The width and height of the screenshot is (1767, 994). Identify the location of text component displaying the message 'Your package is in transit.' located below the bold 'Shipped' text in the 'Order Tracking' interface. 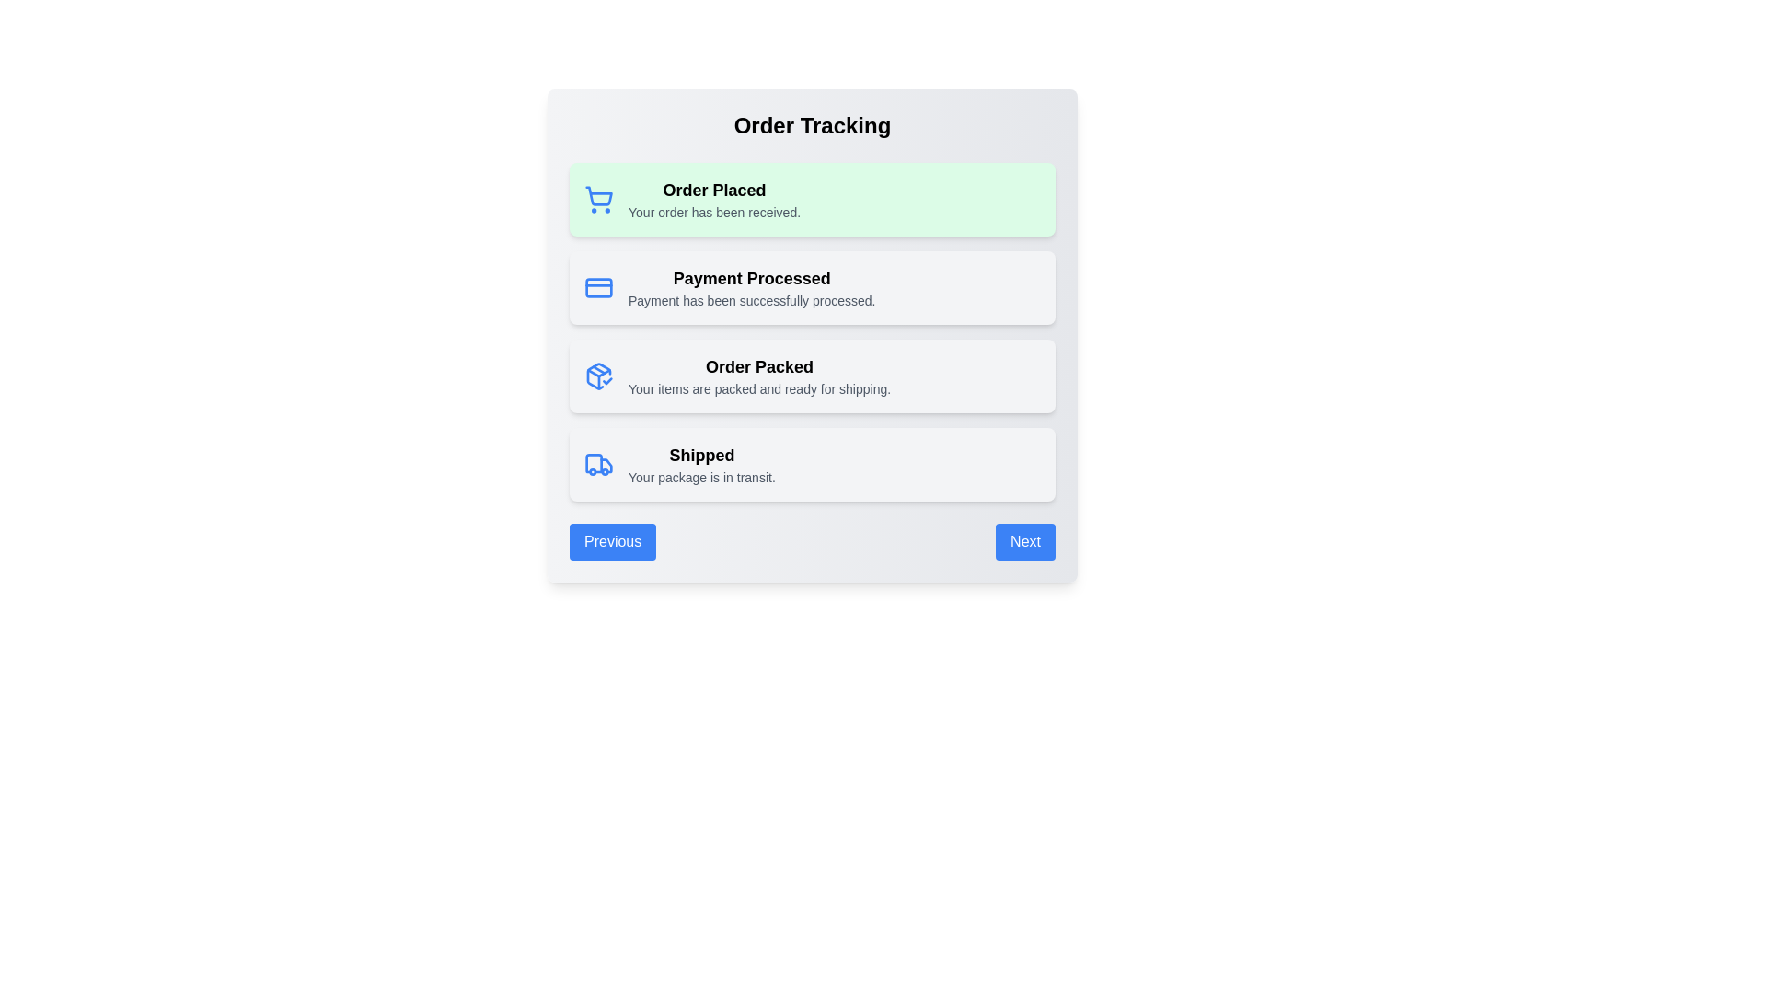
(700, 477).